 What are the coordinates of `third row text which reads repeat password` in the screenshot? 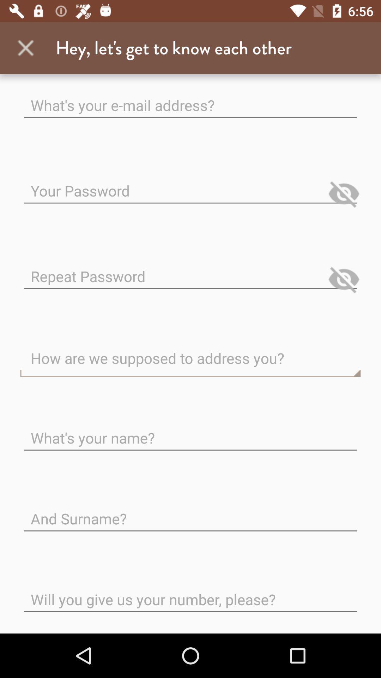 It's located at (190, 270).